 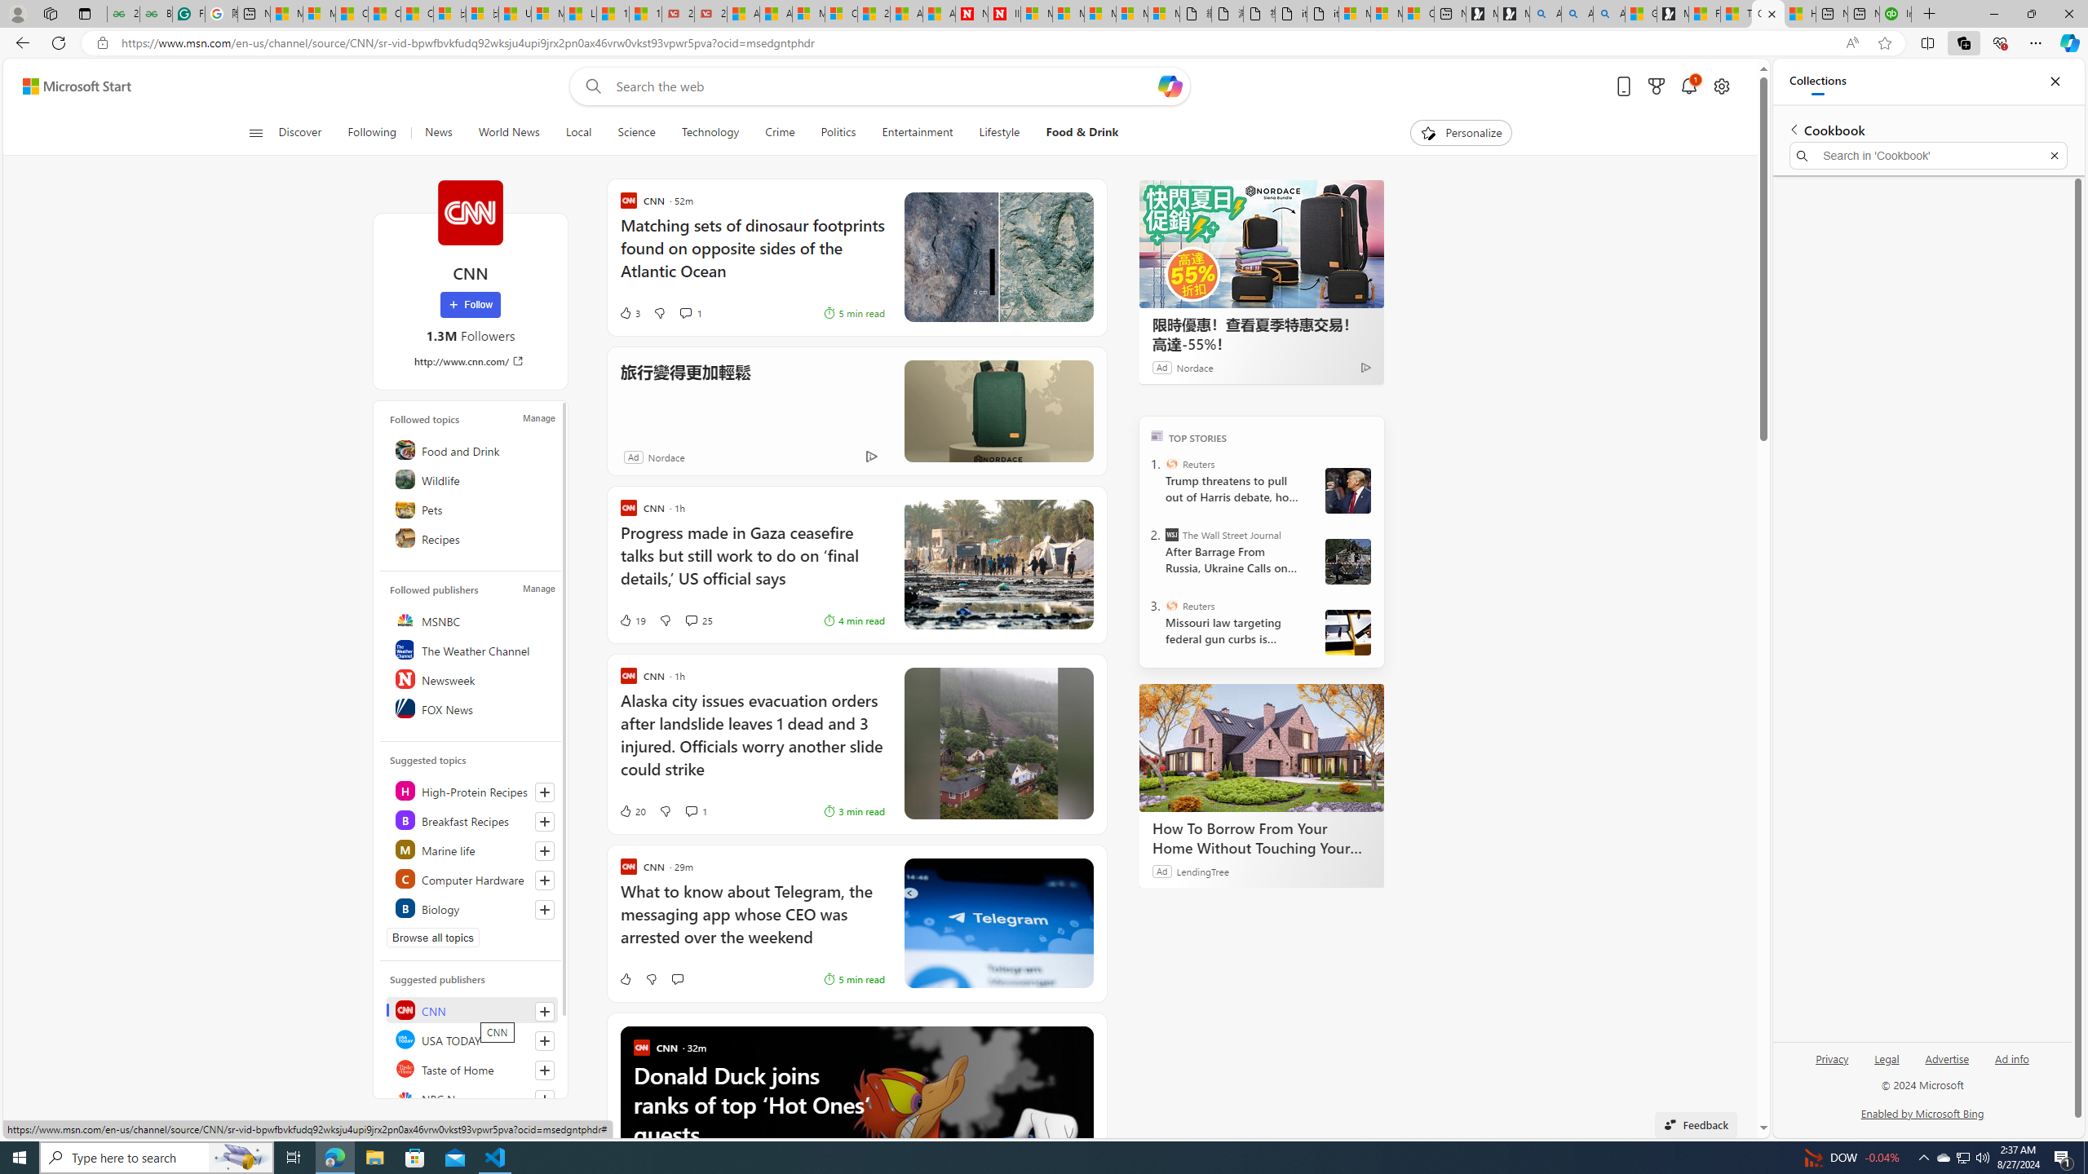 I want to click on 'Legal', so click(x=1887, y=1058).